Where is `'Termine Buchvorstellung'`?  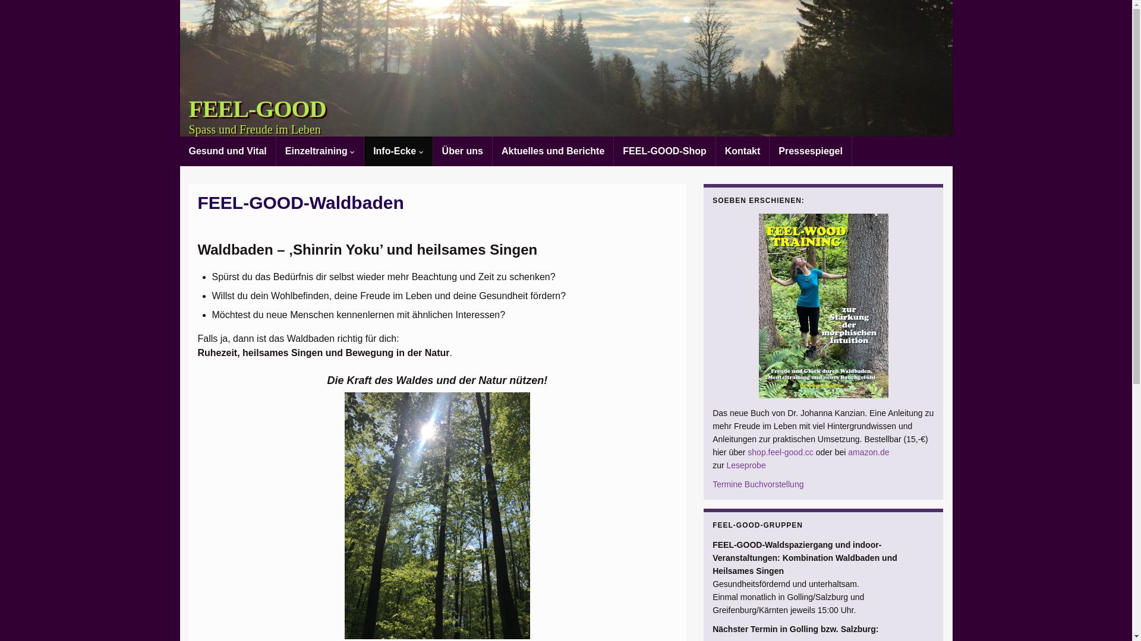
'Termine Buchvorstellung' is located at coordinates (757, 484).